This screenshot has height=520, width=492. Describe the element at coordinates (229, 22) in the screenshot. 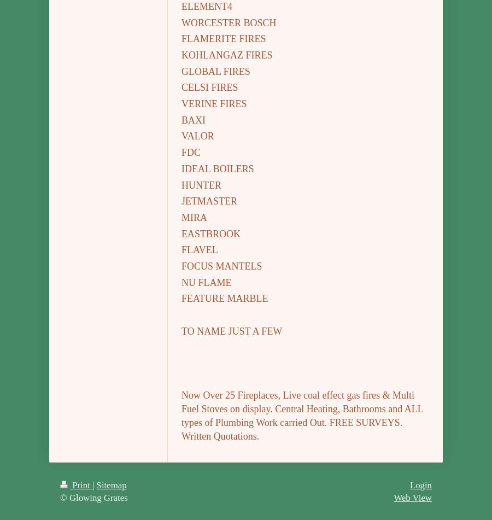

I see `'WORCESTER BOSCH'` at that location.